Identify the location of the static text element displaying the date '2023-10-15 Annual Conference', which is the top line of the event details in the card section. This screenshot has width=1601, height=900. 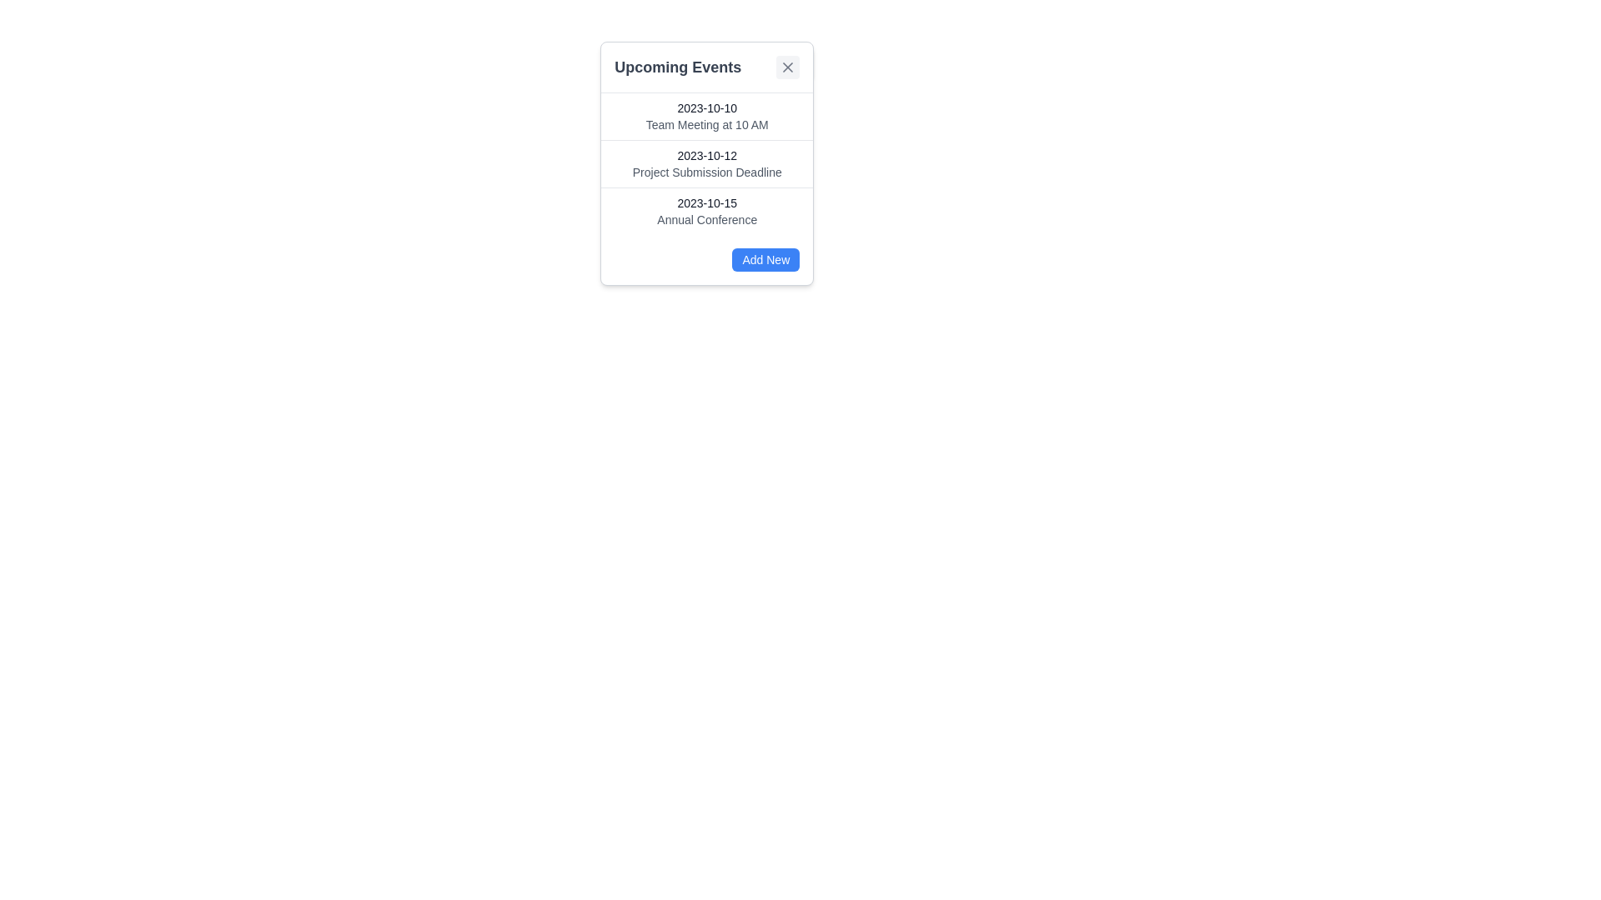
(707, 202).